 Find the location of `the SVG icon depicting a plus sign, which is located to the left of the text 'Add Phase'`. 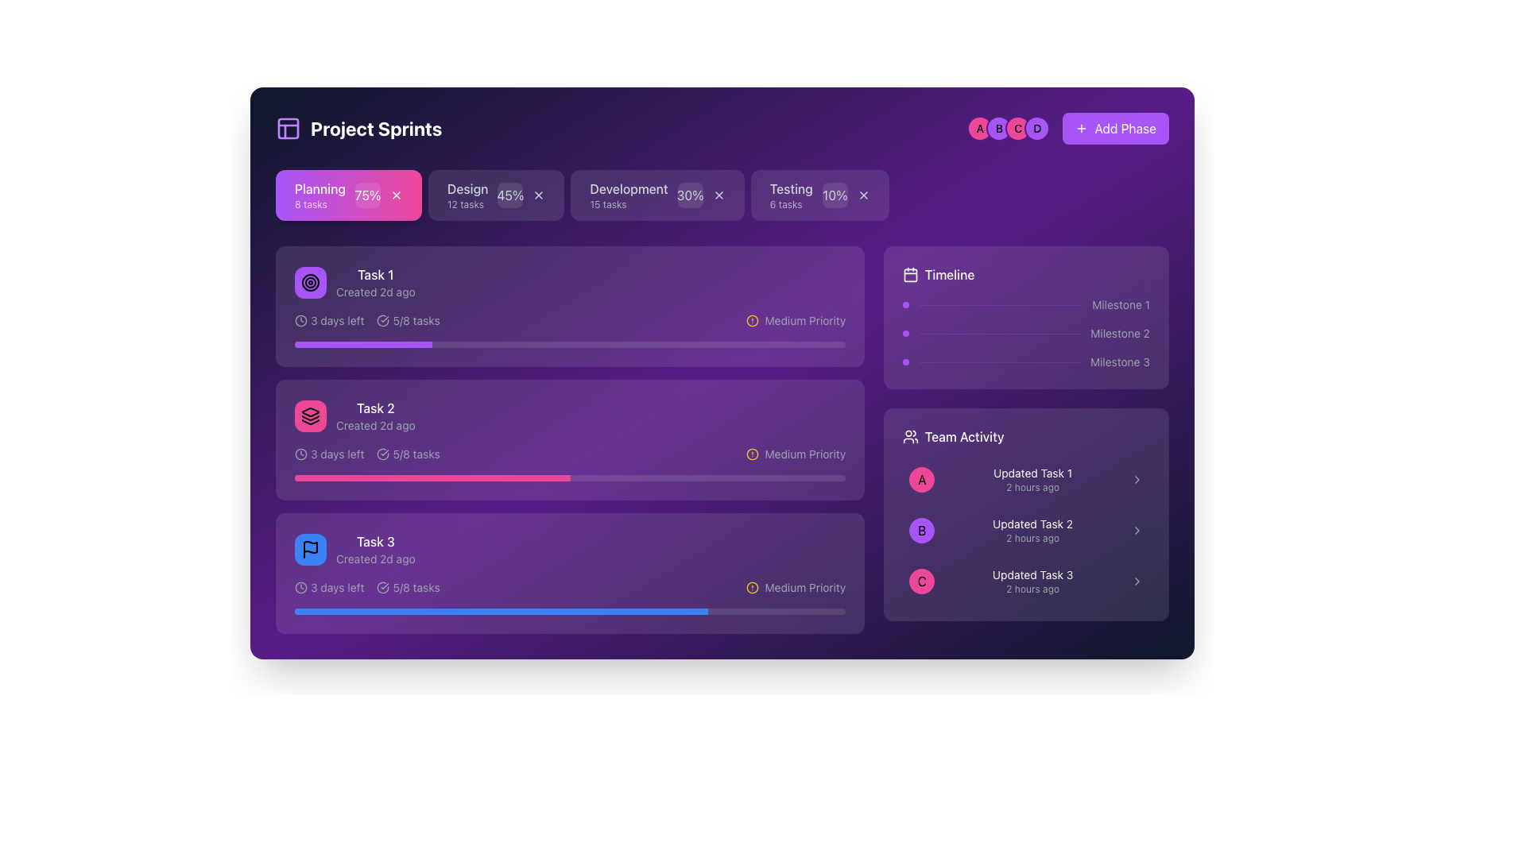

the SVG icon depicting a plus sign, which is located to the left of the text 'Add Phase' is located at coordinates (1081, 128).